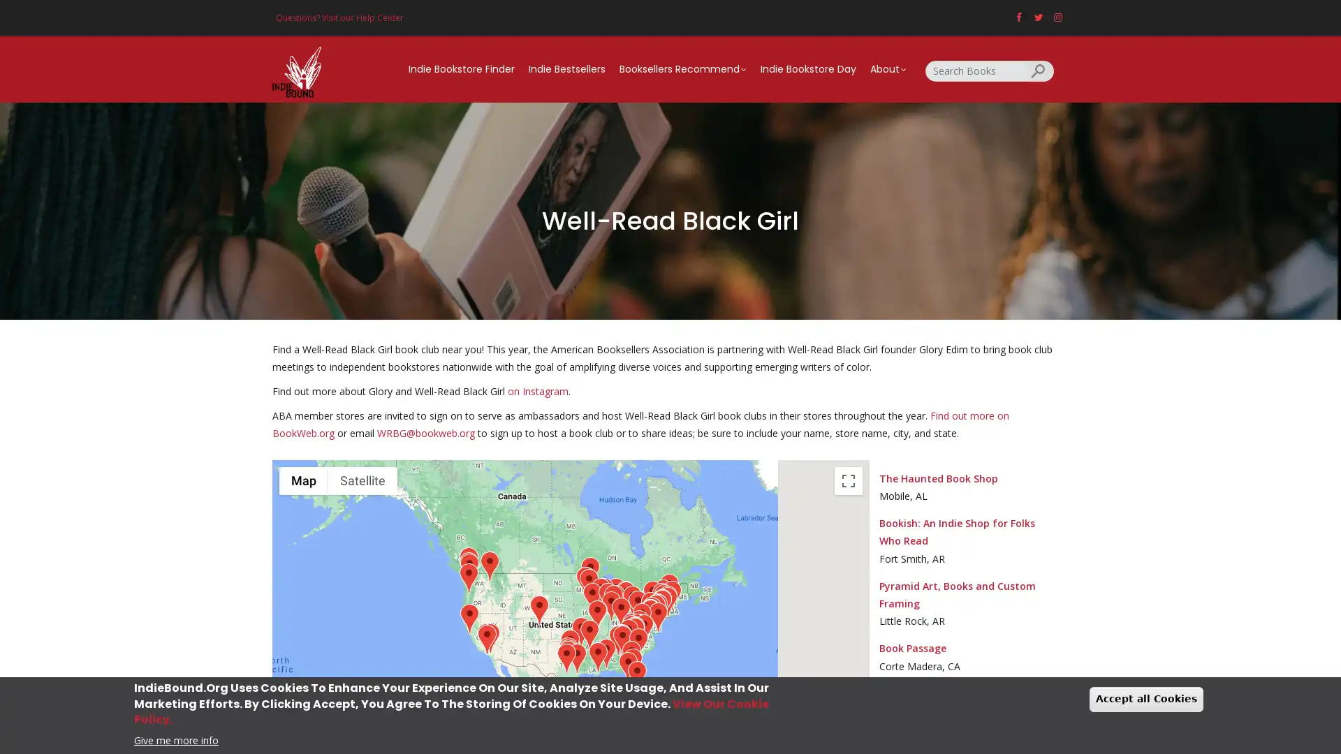 Image resolution: width=1341 pixels, height=754 pixels. I want to click on Second Star to the Right Children's Books, so click(538, 609).